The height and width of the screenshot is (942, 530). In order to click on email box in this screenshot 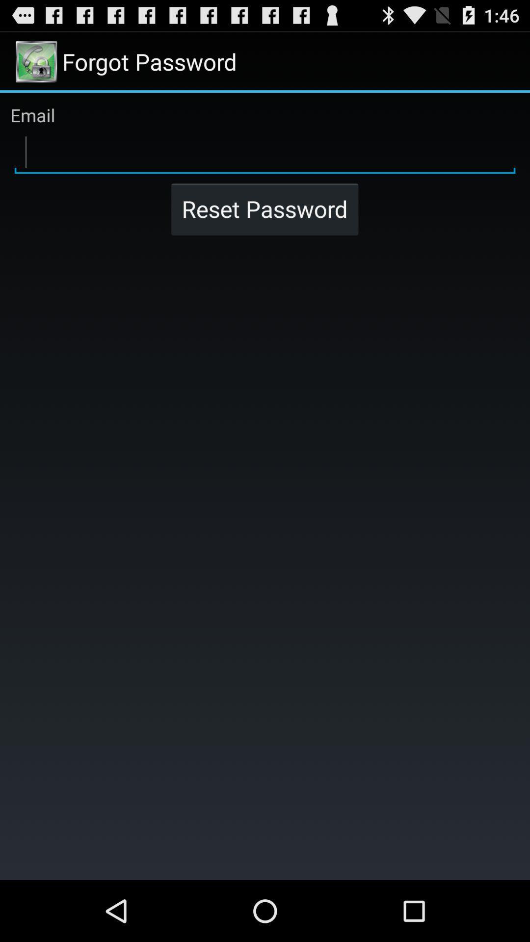, I will do `click(265, 152)`.